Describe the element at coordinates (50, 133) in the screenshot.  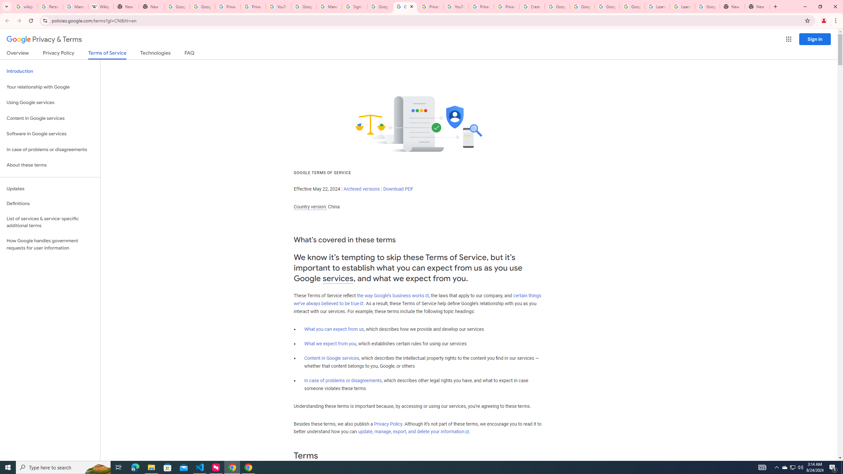
I see `'Software in Google services'` at that location.